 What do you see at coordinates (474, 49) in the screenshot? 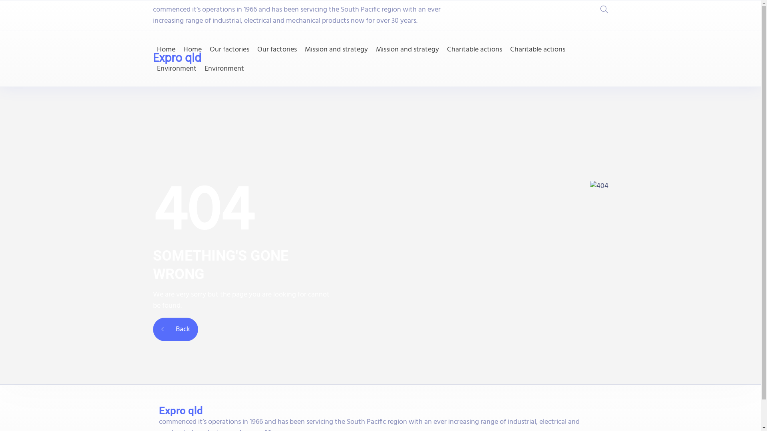
I see `'Charitable actions'` at bounding box center [474, 49].